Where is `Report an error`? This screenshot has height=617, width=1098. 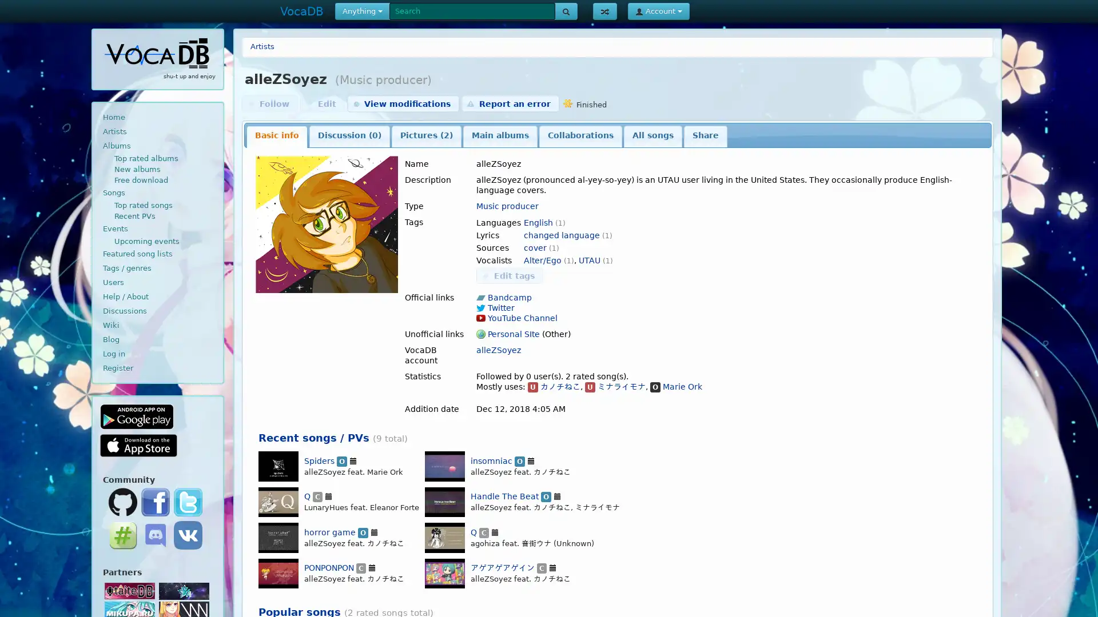 Report an error is located at coordinates (510, 103).